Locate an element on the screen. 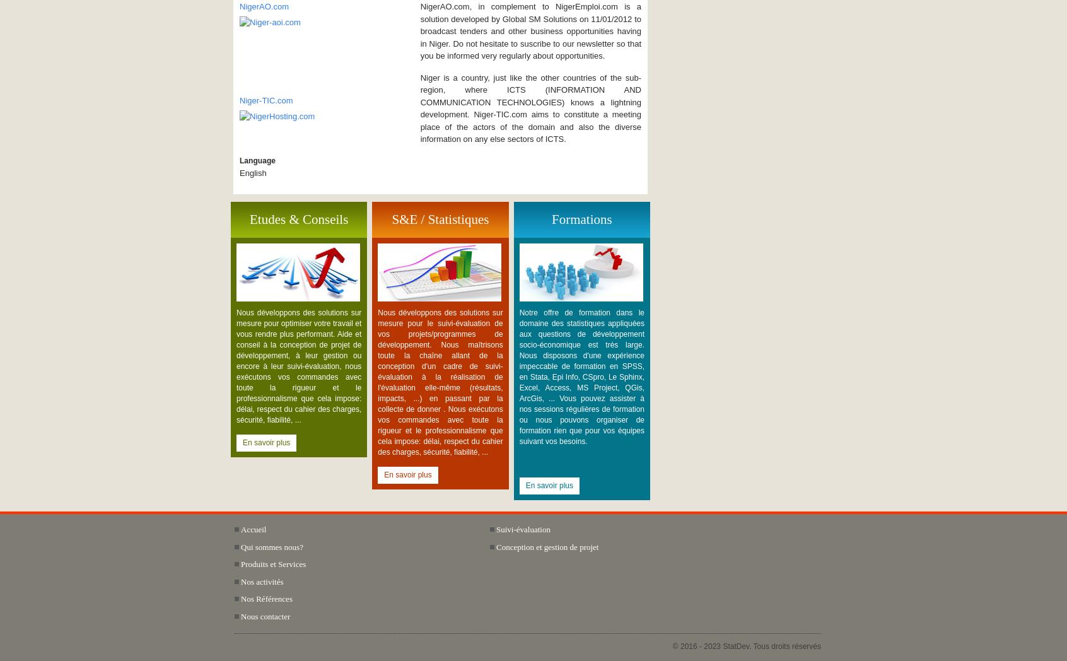 Image resolution: width=1067 pixels, height=661 pixels. 'Notre offre de formation dans le domaine des statistiques appliquées aux questions de développement socio-économique est très large. Nous disposons d'une expérience impeccable de formation en SPSS, en Stata, Epi Info, CSpro, Le Sphinx, Excel, Access, MS Project, QGis, ArcGis, ... Vous pouvez assister à nos sessions régulières de formation ou nous pouvons organiser de formation rien que pour vos équipes suivant vos besoins.' is located at coordinates (581, 377).